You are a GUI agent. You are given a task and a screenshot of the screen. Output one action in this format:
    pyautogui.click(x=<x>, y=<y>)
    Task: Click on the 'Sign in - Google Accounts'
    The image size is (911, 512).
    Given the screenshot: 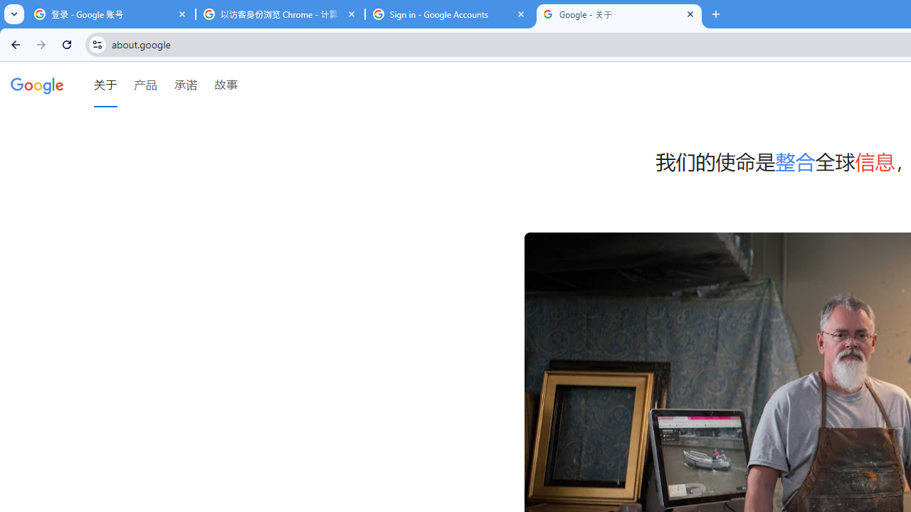 What is the action you would take?
    pyautogui.click(x=449, y=14)
    